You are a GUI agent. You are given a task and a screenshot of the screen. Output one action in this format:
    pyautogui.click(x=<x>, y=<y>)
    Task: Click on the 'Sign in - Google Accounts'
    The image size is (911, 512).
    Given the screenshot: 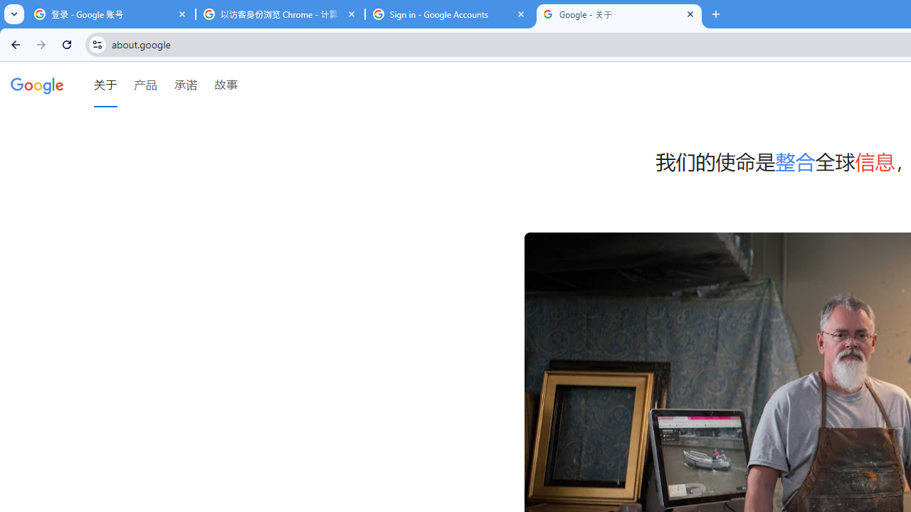 What is the action you would take?
    pyautogui.click(x=449, y=14)
    